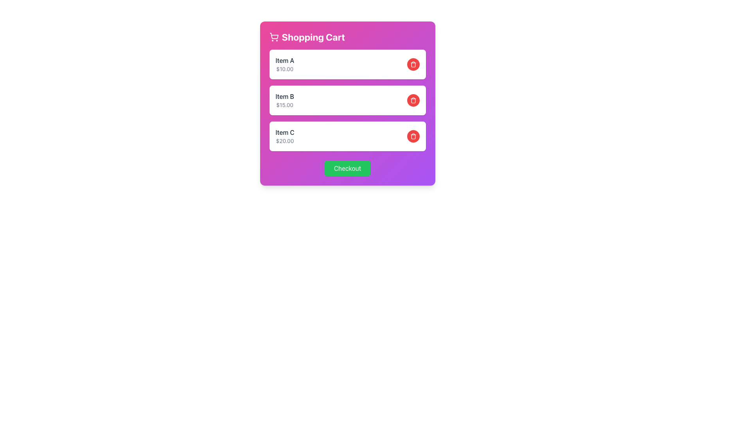 This screenshot has height=422, width=751. I want to click on the static text label displaying the price "$20.00" located in the shopping cart interface, below the label "Item C" and to the left of the red circular trash icon button, so click(284, 141).